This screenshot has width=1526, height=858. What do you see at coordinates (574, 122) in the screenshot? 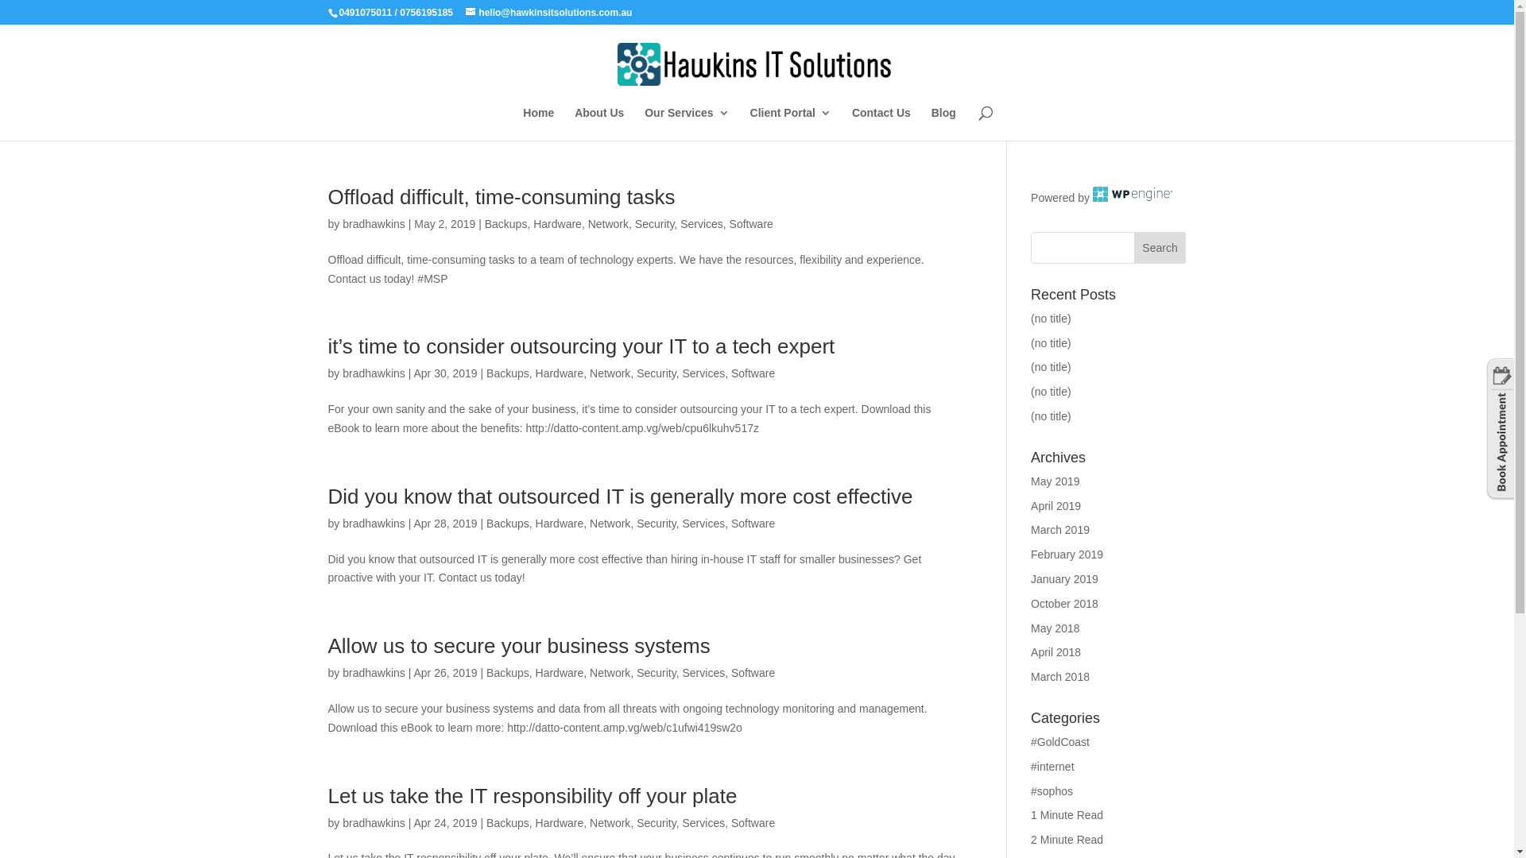
I see `'About Us'` at bounding box center [574, 122].